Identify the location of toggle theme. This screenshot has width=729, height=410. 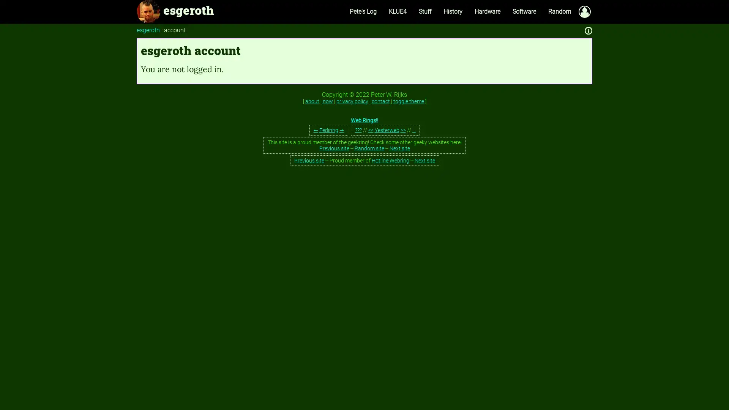
(408, 101).